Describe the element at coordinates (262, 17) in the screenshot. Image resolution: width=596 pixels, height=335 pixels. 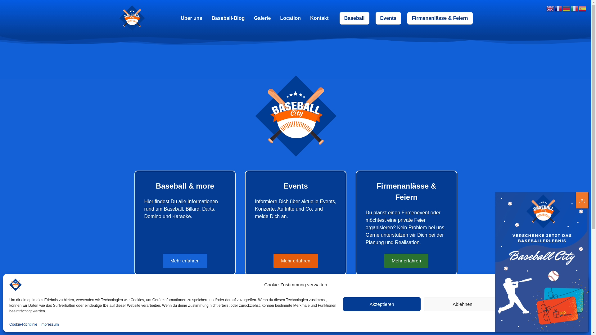
I see `'Galerie'` at that location.